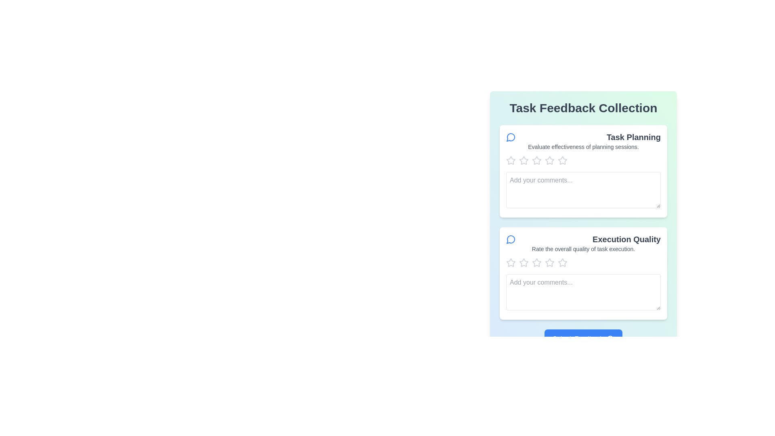 The height and width of the screenshot is (436, 775). I want to click on the 7th star-shaped rating icon in the upper rating section for 'Task Planning', so click(562, 160).